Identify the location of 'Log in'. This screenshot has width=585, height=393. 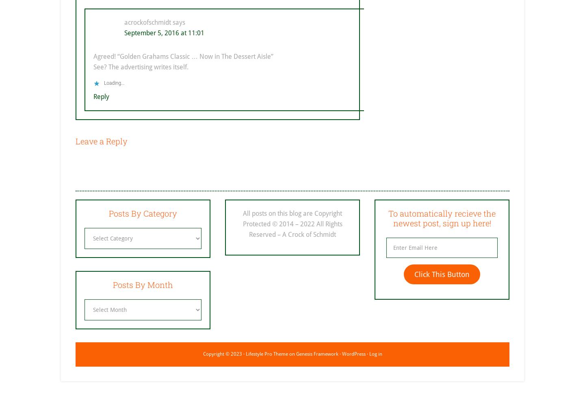
(375, 353).